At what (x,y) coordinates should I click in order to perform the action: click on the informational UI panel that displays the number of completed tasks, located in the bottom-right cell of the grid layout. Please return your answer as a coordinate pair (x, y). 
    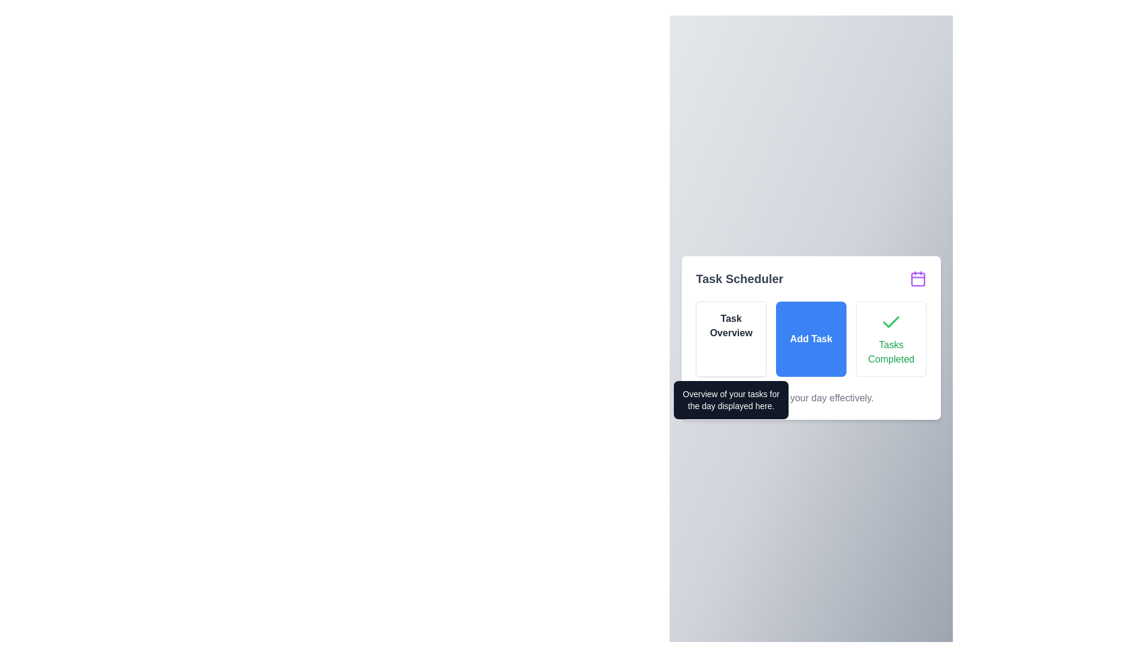
    Looking at the image, I should click on (891, 339).